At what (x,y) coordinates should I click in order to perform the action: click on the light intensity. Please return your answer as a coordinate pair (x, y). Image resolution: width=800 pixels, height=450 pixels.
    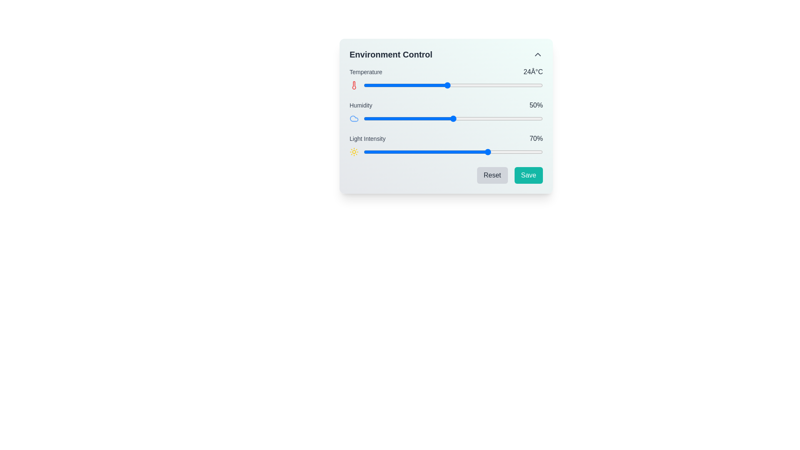
    Looking at the image, I should click on (376, 152).